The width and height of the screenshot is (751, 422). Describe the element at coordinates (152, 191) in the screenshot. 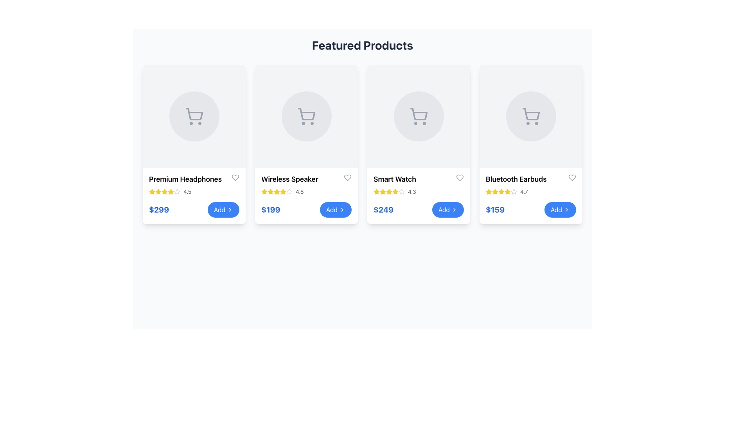

I see `the visual details of the first star icon representing the product rating for 'Premium Headphones' in the 'Featured Products' section` at that location.